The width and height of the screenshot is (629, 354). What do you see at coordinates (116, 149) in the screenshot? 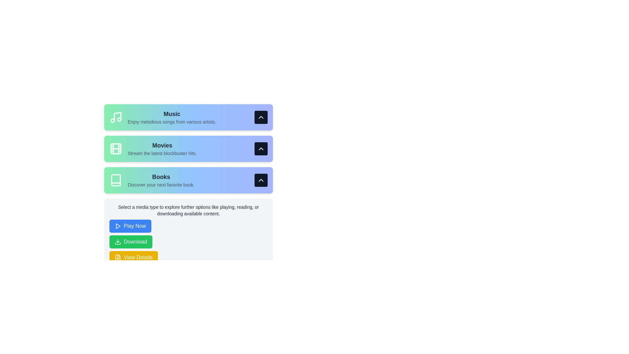
I see `the central decorative SVG rectangle of the filmstrip icon, which is located adjacent to the 'Movies' text label, positioned in the middle of the three buttons labeled 'Music,' 'Movies,' and 'Books.'` at bounding box center [116, 149].